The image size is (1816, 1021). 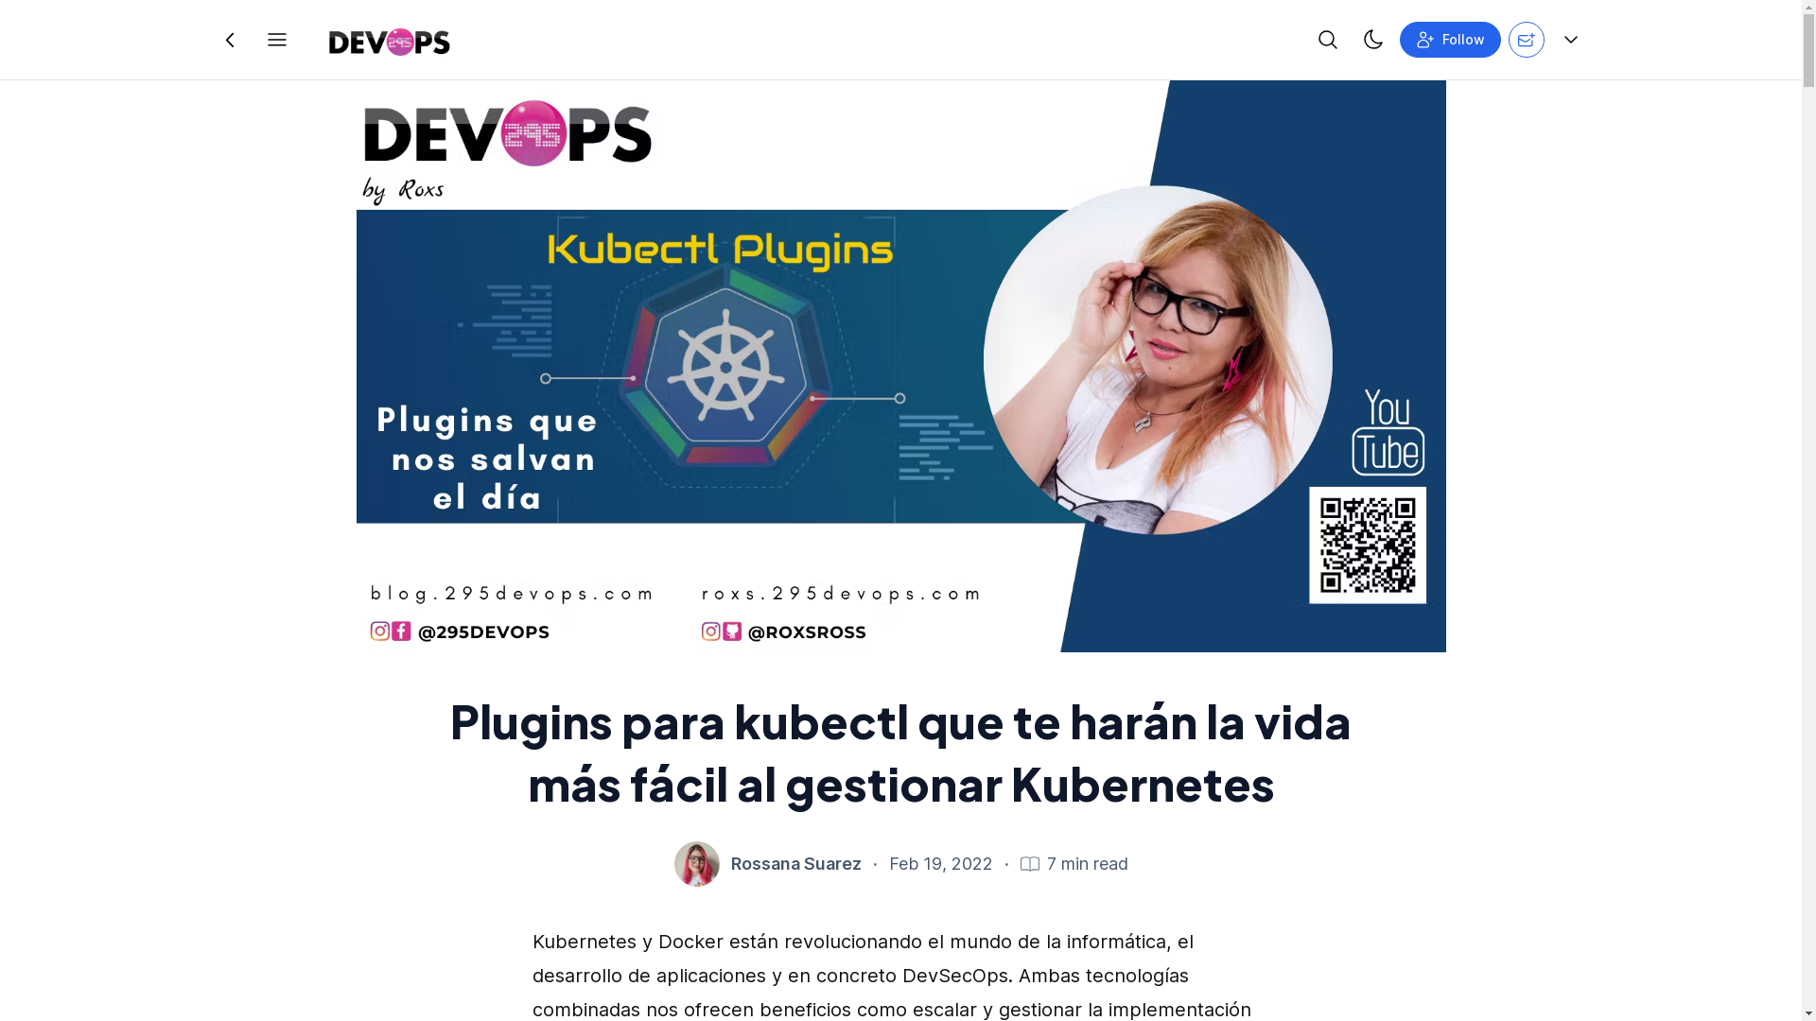 What do you see at coordinates (940, 864) in the screenshot?
I see `'Feb 19, 2022'` at bounding box center [940, 864].